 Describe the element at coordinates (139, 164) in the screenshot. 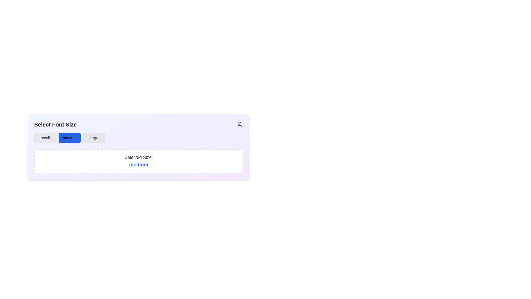

I see `the static text label displaying 'medium' in bold blue font, which is located within a bordered white background box, below the label 'Selected Size:'` at that location.